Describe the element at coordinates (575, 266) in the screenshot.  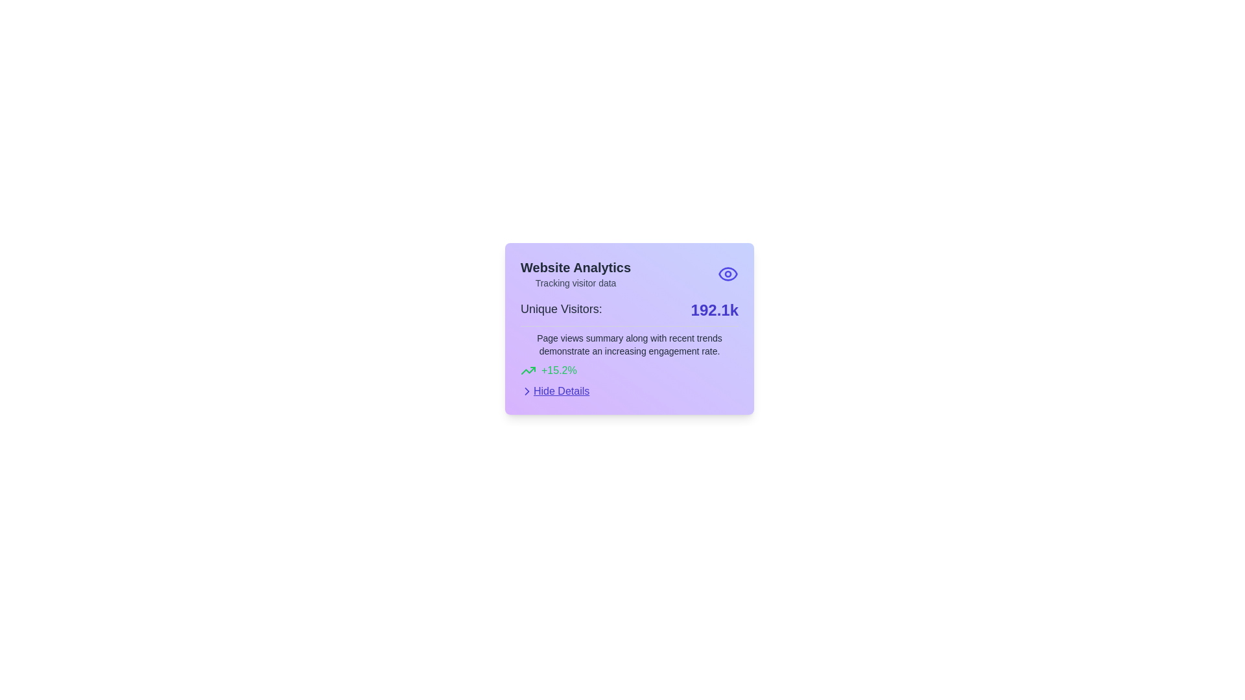
I see `the prominent text label displaying 'Website Analytics' in bold and slightly enlarged font, located at the top-left section of a card interface` at that location.